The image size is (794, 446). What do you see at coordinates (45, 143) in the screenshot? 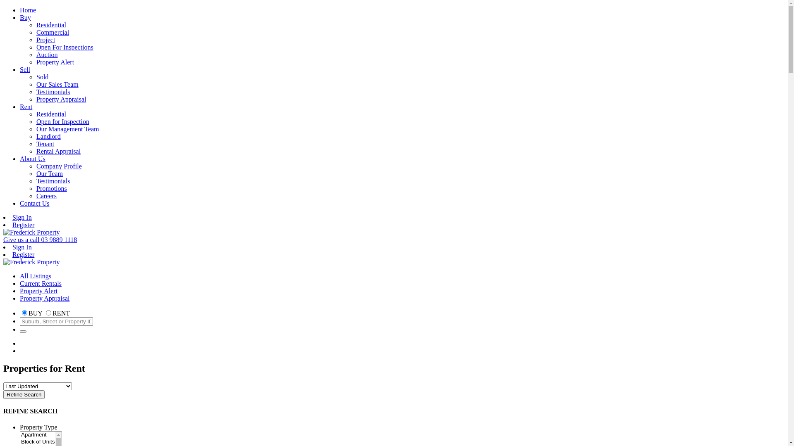
I see `'Tenant'` at bounding box center [45, 143].